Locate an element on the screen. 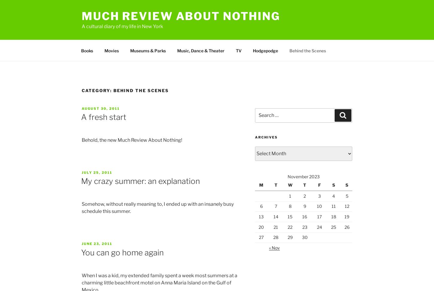 The height and width of the screenshot is (291, 434). 'Behold, the new Much Review About Nothing!' is located at coordinates (131, 140).